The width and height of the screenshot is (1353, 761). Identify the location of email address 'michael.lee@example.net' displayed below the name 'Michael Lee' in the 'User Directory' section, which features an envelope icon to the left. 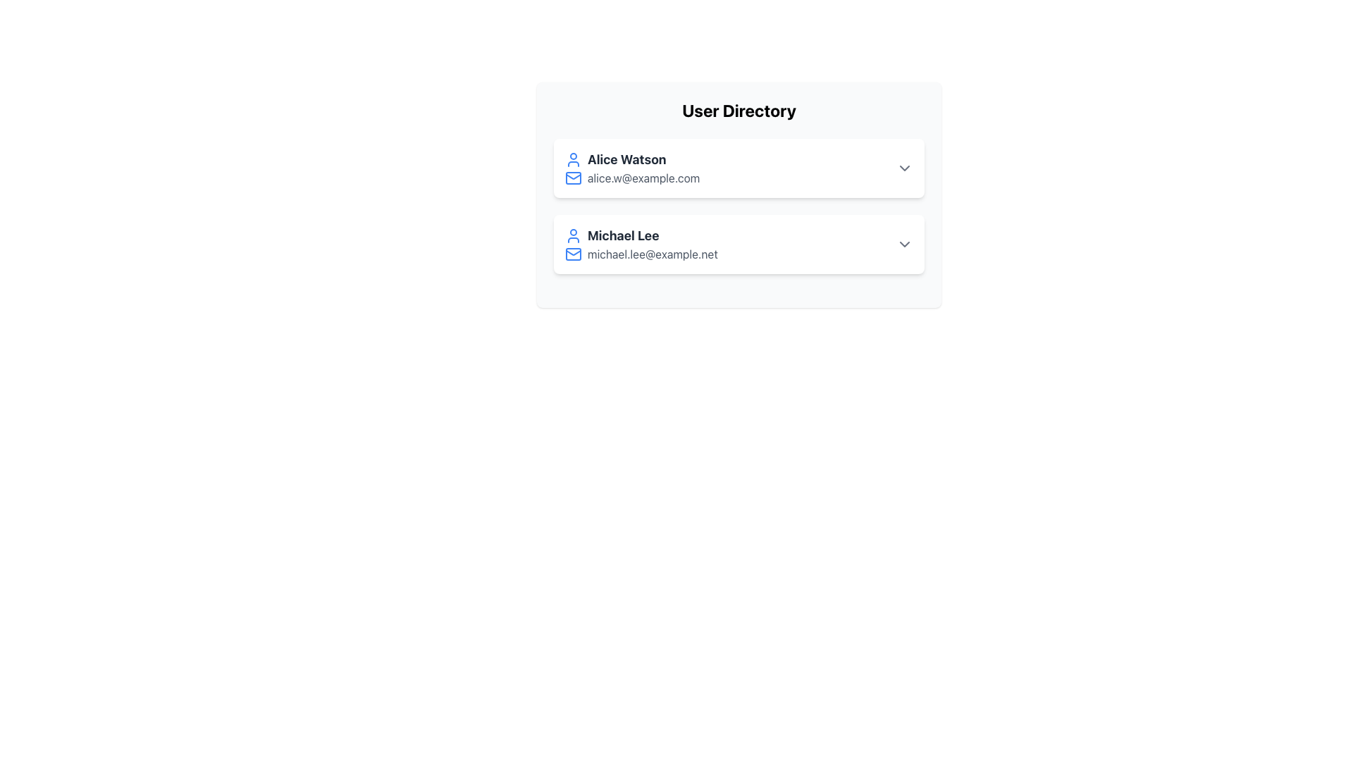
(641, 254).